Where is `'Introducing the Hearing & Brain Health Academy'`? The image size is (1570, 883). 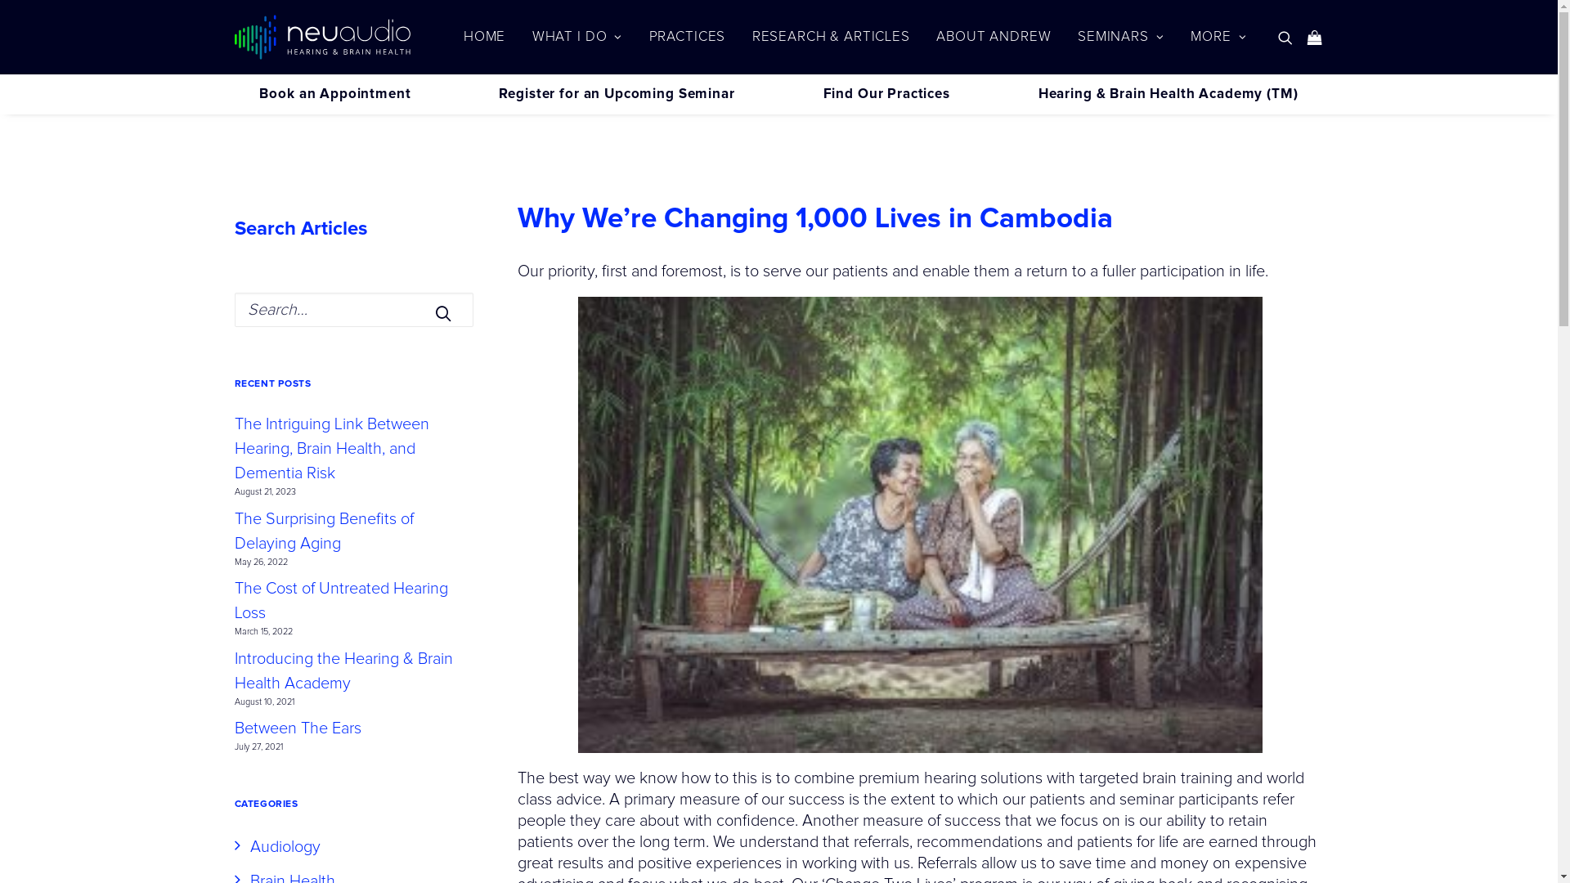
'Introducing the Hearing & Brain Health Academy' is located at coordinates (233, 671).